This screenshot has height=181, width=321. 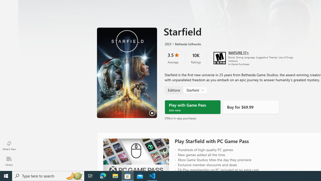 I want to click on 'Buy', so click(x=251, y=107).